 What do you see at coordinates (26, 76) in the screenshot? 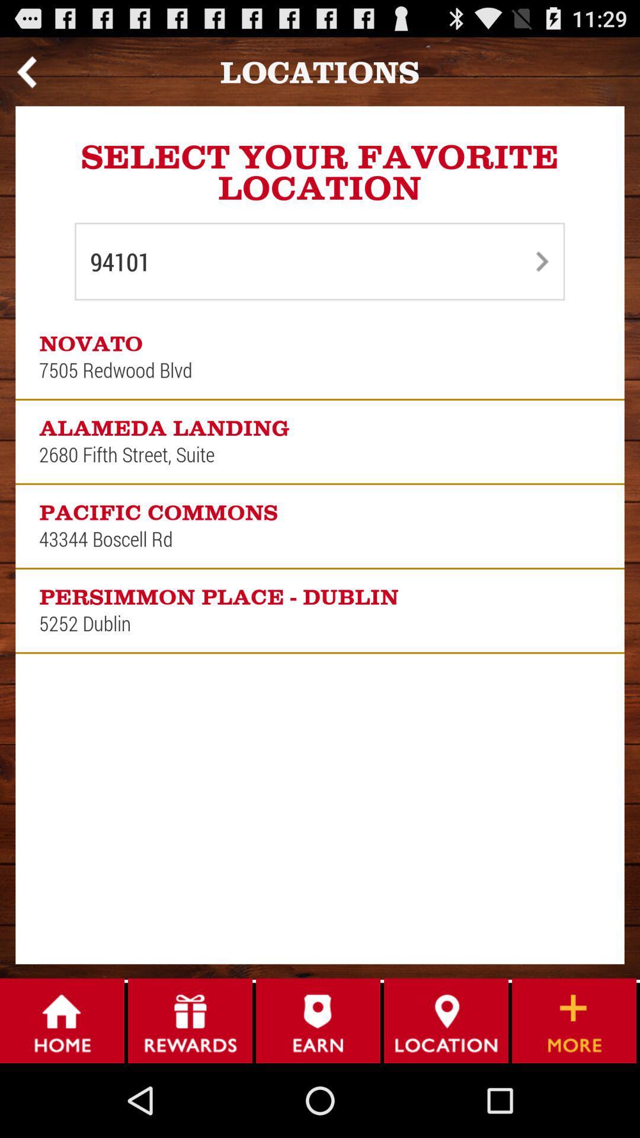
I see `the arrow_backward icon` at bounding box center [26, 76].